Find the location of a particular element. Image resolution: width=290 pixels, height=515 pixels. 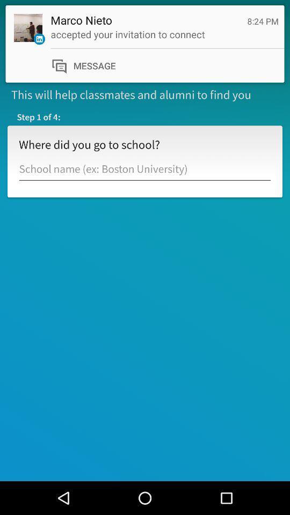

school name is located at coordinates (145, 169).